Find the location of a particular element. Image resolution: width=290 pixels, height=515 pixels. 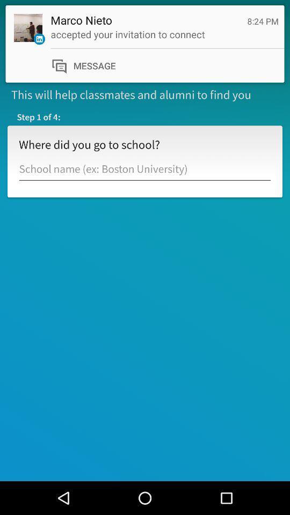

school name is located at coordinates (145, 169).